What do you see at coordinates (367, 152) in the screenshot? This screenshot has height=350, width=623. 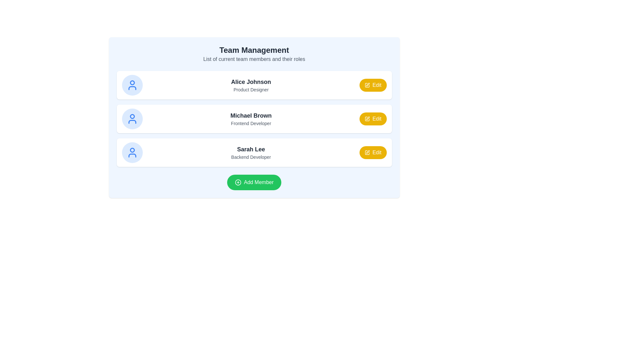 I see `the edit icon located to the left of the text 'Edit' for the user entry 'Sarah Lee'` at bounding box center [367, 152].